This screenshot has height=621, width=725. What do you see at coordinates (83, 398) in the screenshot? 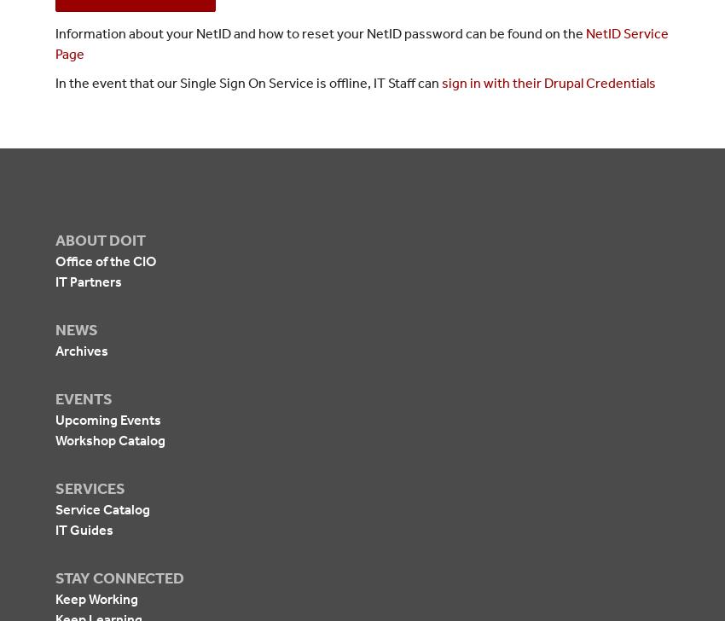
I see `'Events'` at bounding box center [83, 398].